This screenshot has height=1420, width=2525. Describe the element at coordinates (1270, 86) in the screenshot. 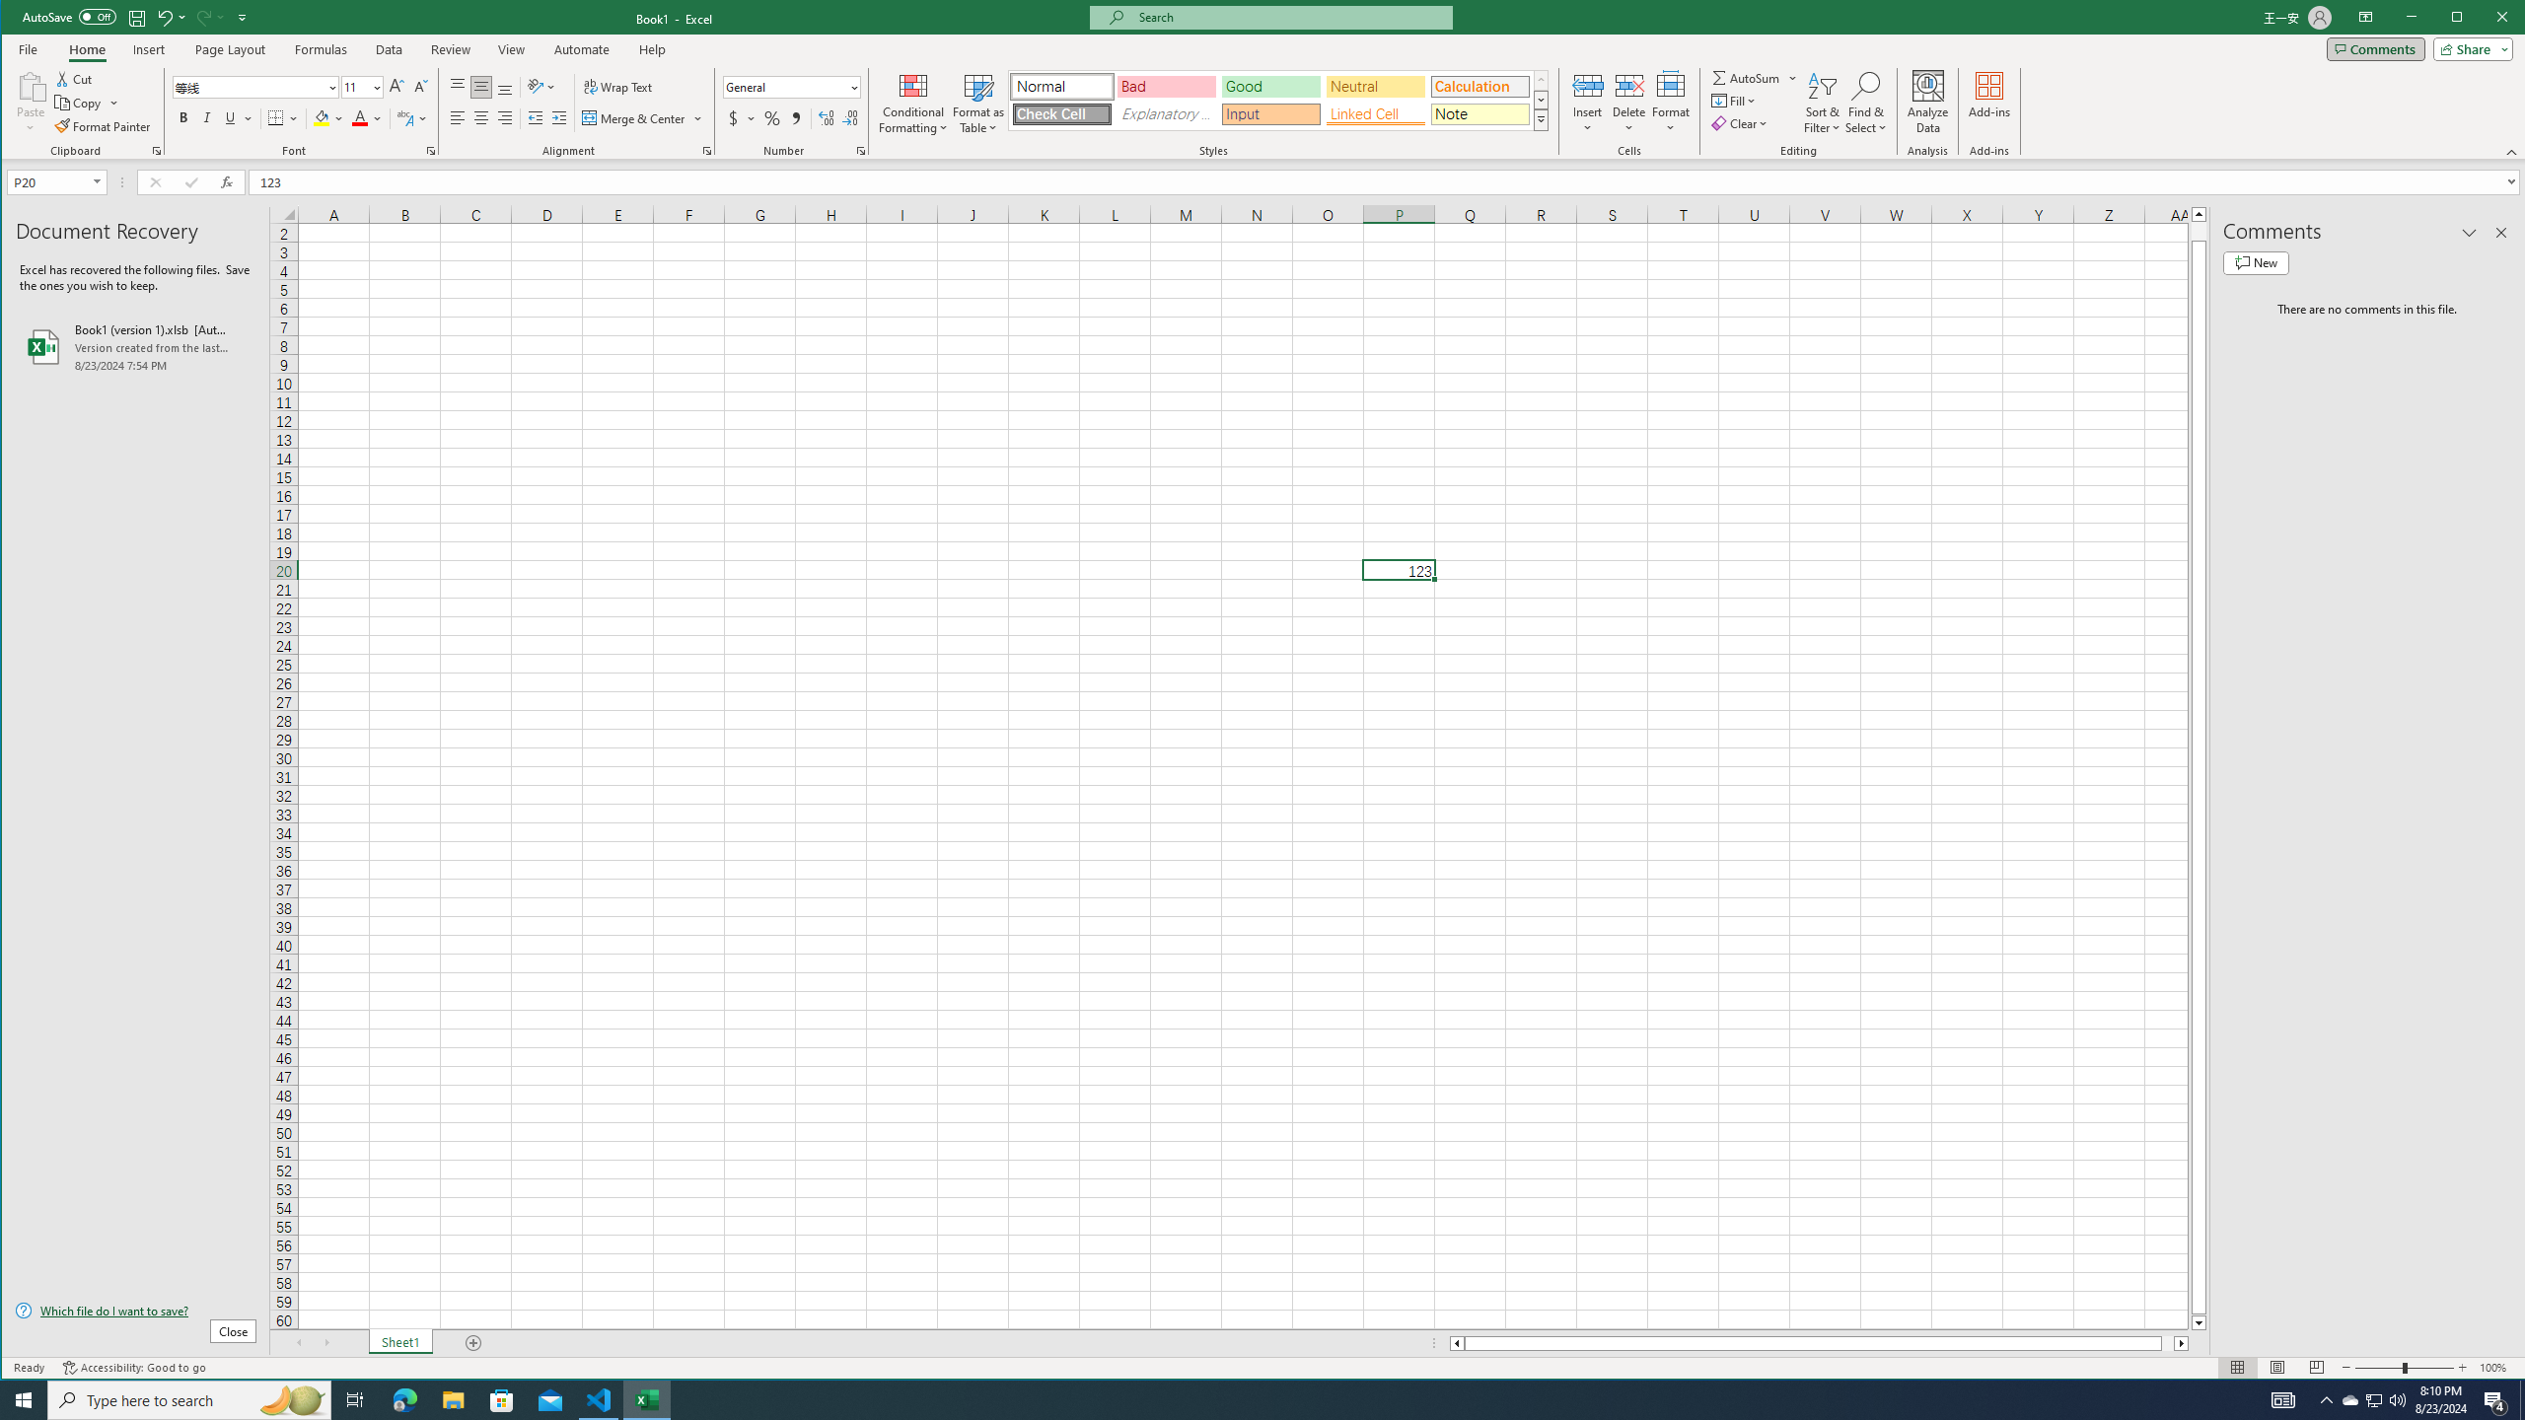

I see `'Good'` at that location.